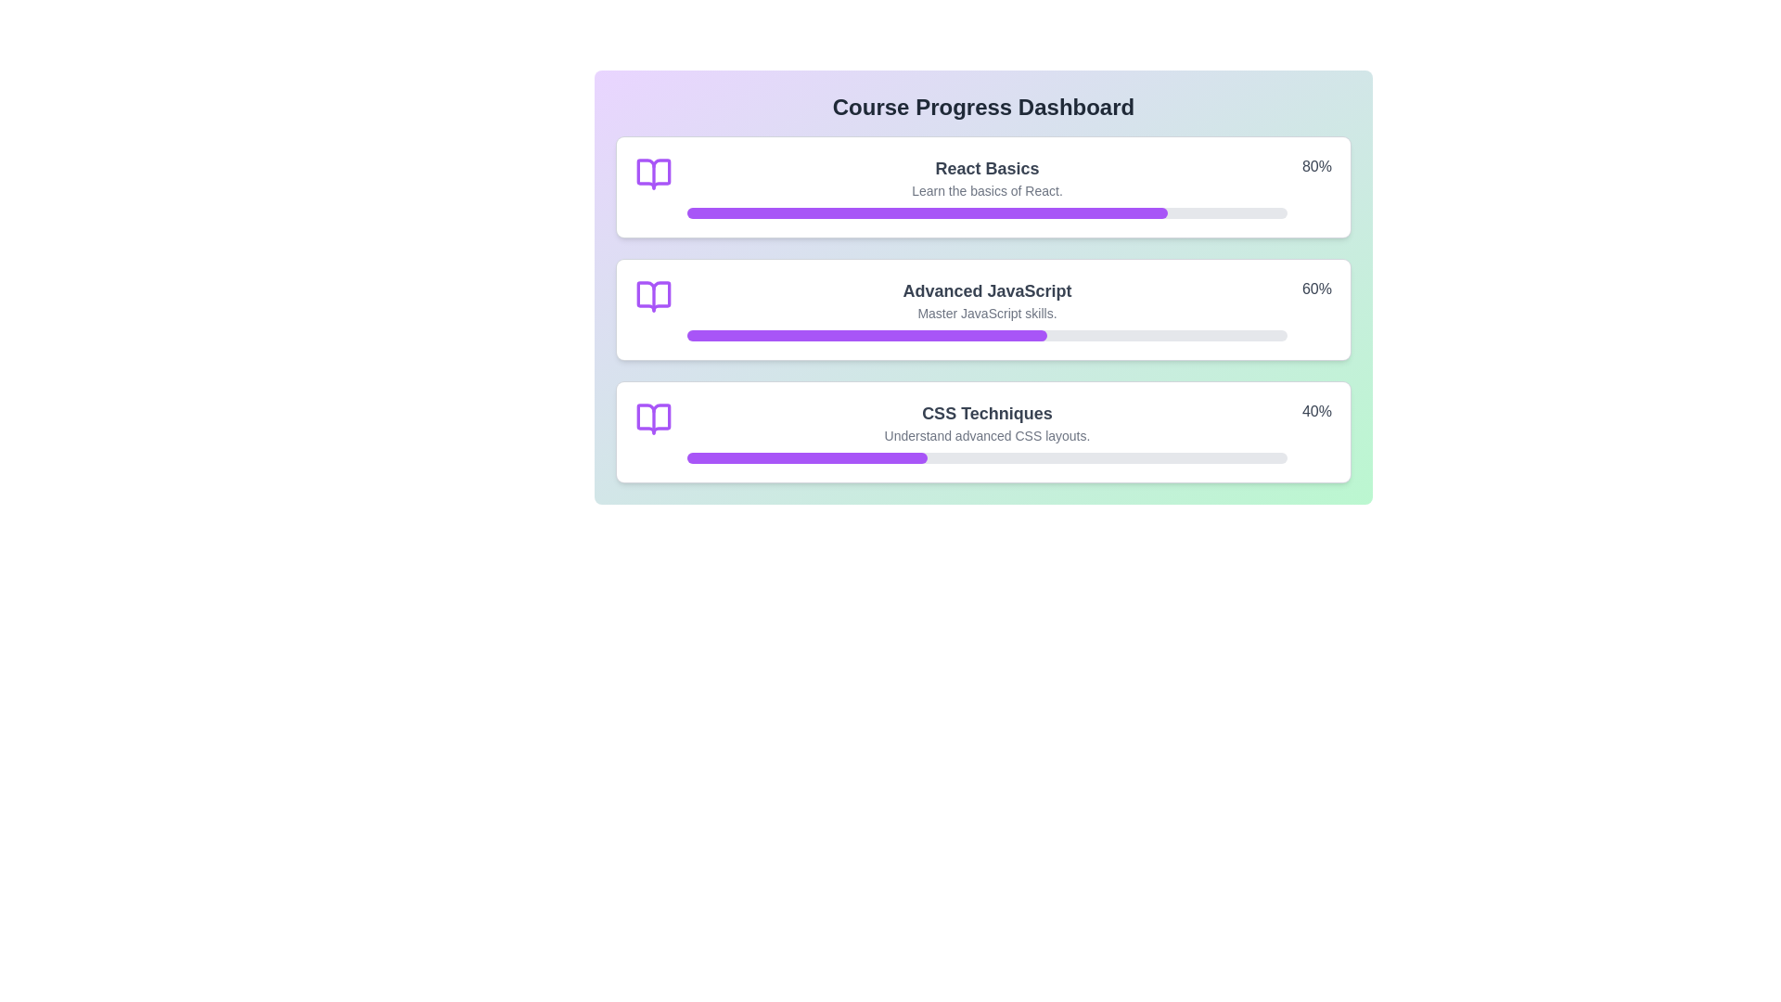  Describe the element at coordinates (986, 190) in the screenshot. I see `the descriptive subtitle element located below the 'React Basics' title in the first card of the course progress dashboard` at that location.